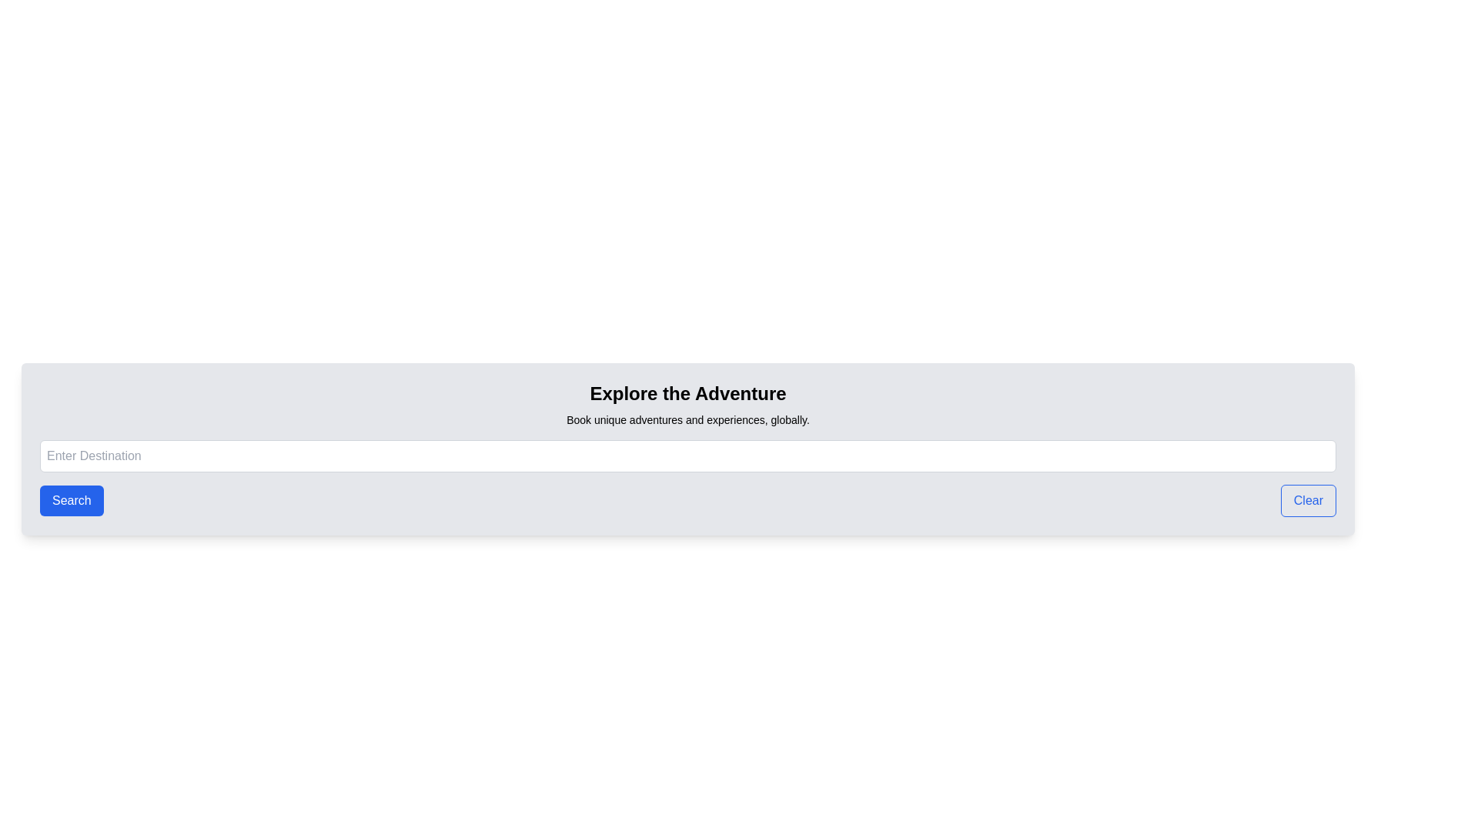 The image size is (1478, 831). What do you see at coordinates (687, 420) in the screenshot?
I see `the text element that reads 'Book unique adventures and experiences, globally.' which is located directly below the bold heading 'Explore the Adventure.'` at bounding box center [687, 420].